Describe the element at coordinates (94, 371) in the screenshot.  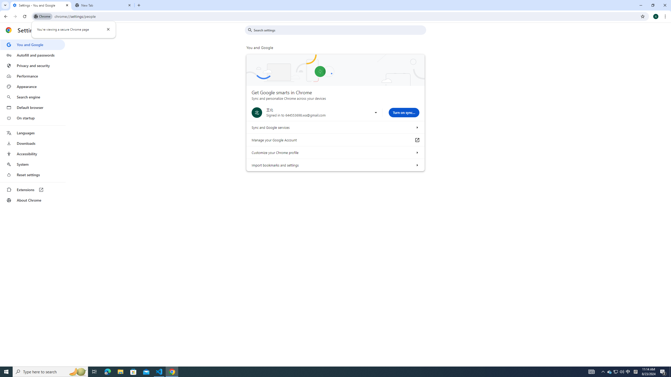
I see `'Task View'` at that location.